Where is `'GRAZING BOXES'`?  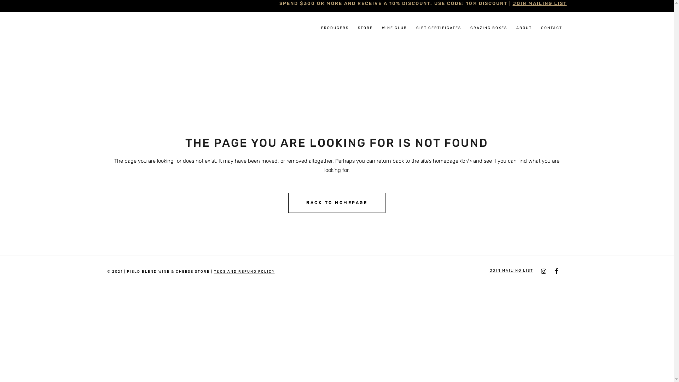
'GRAZING BOXES' is located at coordinates (488, 27).